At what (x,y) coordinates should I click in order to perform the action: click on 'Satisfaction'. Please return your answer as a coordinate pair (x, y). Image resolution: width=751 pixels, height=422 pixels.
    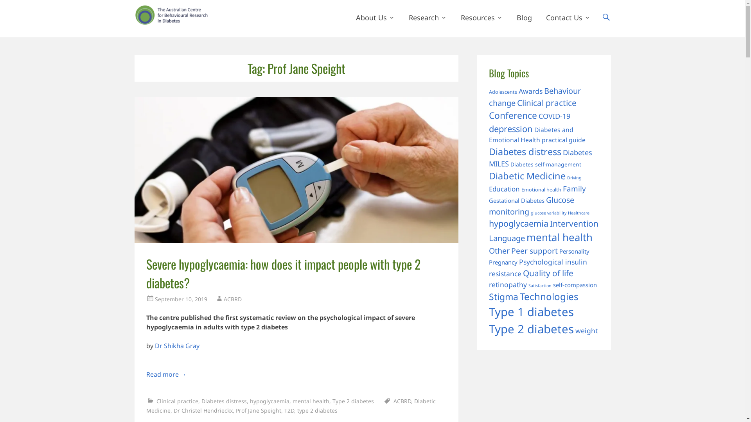
    Looking at the image, I should click on (539, 286).